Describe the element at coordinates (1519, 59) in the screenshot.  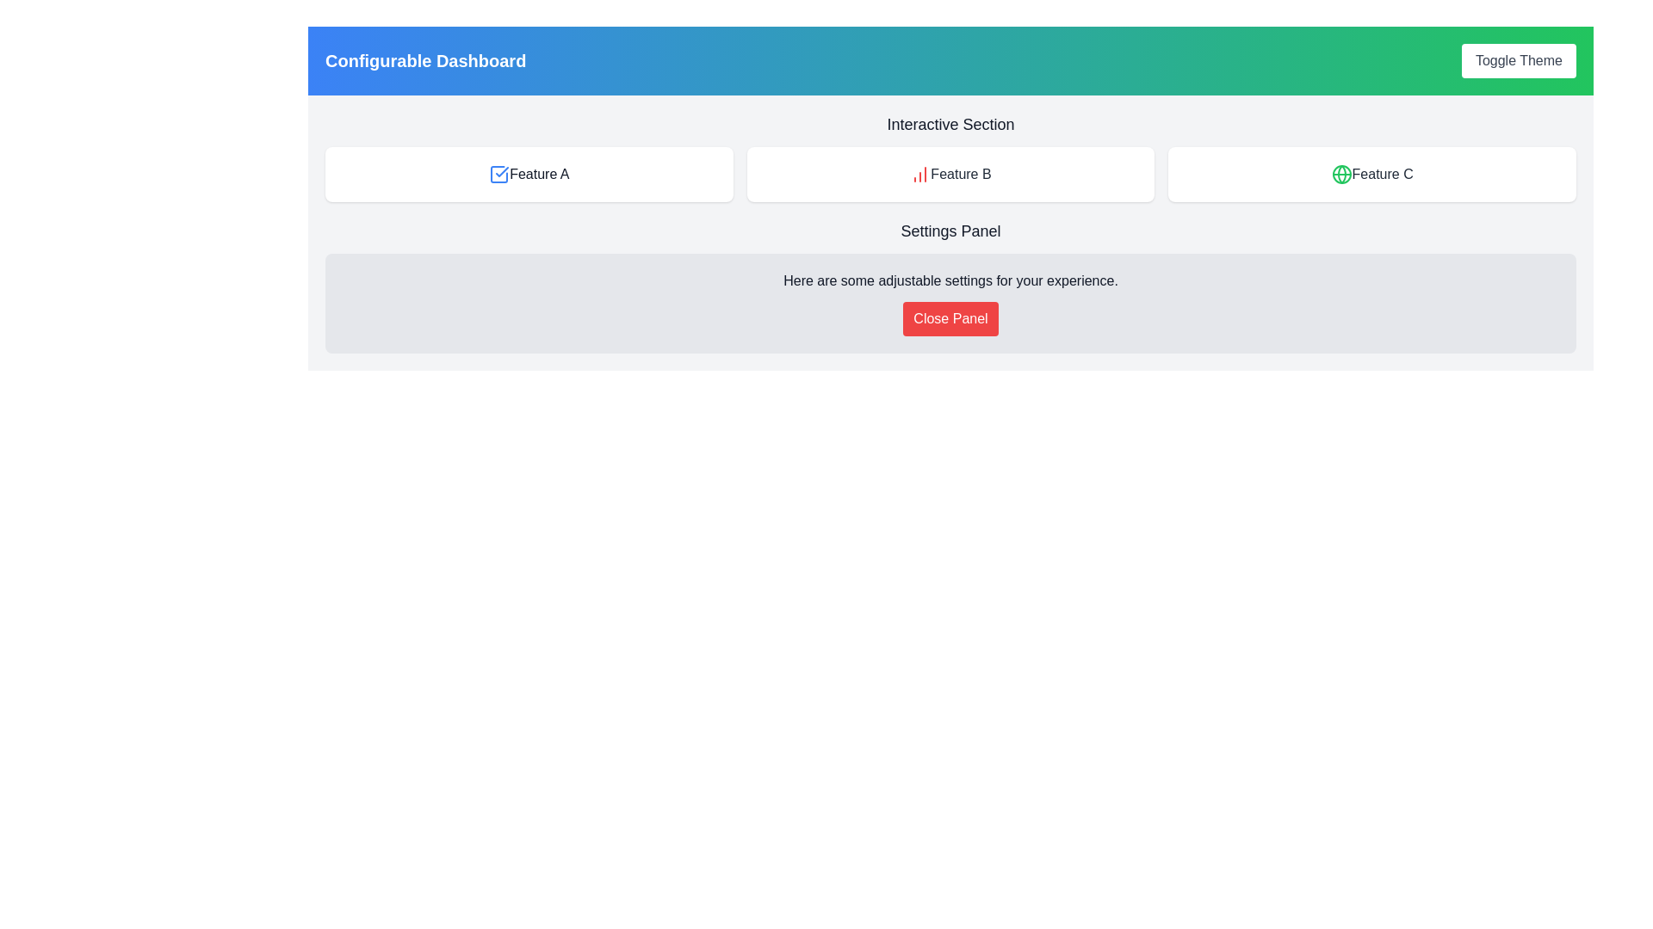
I see `the theme toggle button located at the top right corner of the header section, adjacent to the 'Configurable Dashboard' label, to observe the background color change` at that location.